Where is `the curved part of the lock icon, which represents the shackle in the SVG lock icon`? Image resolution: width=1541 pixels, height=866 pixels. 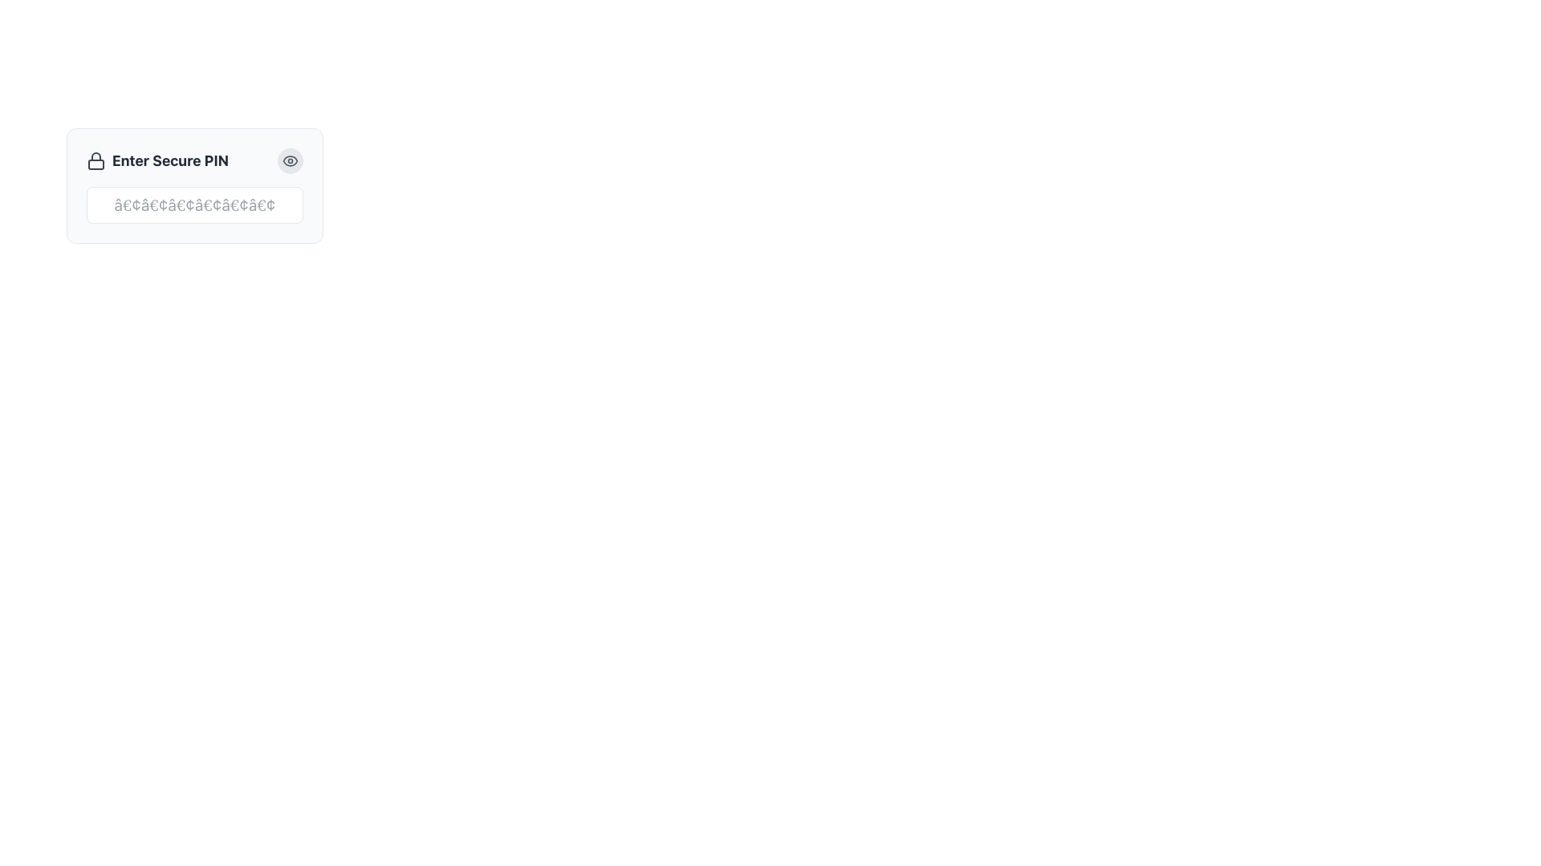 the curved part of the lock icon, which represents the shackle in the SVG lock icon is located at coordinates (96, 156).